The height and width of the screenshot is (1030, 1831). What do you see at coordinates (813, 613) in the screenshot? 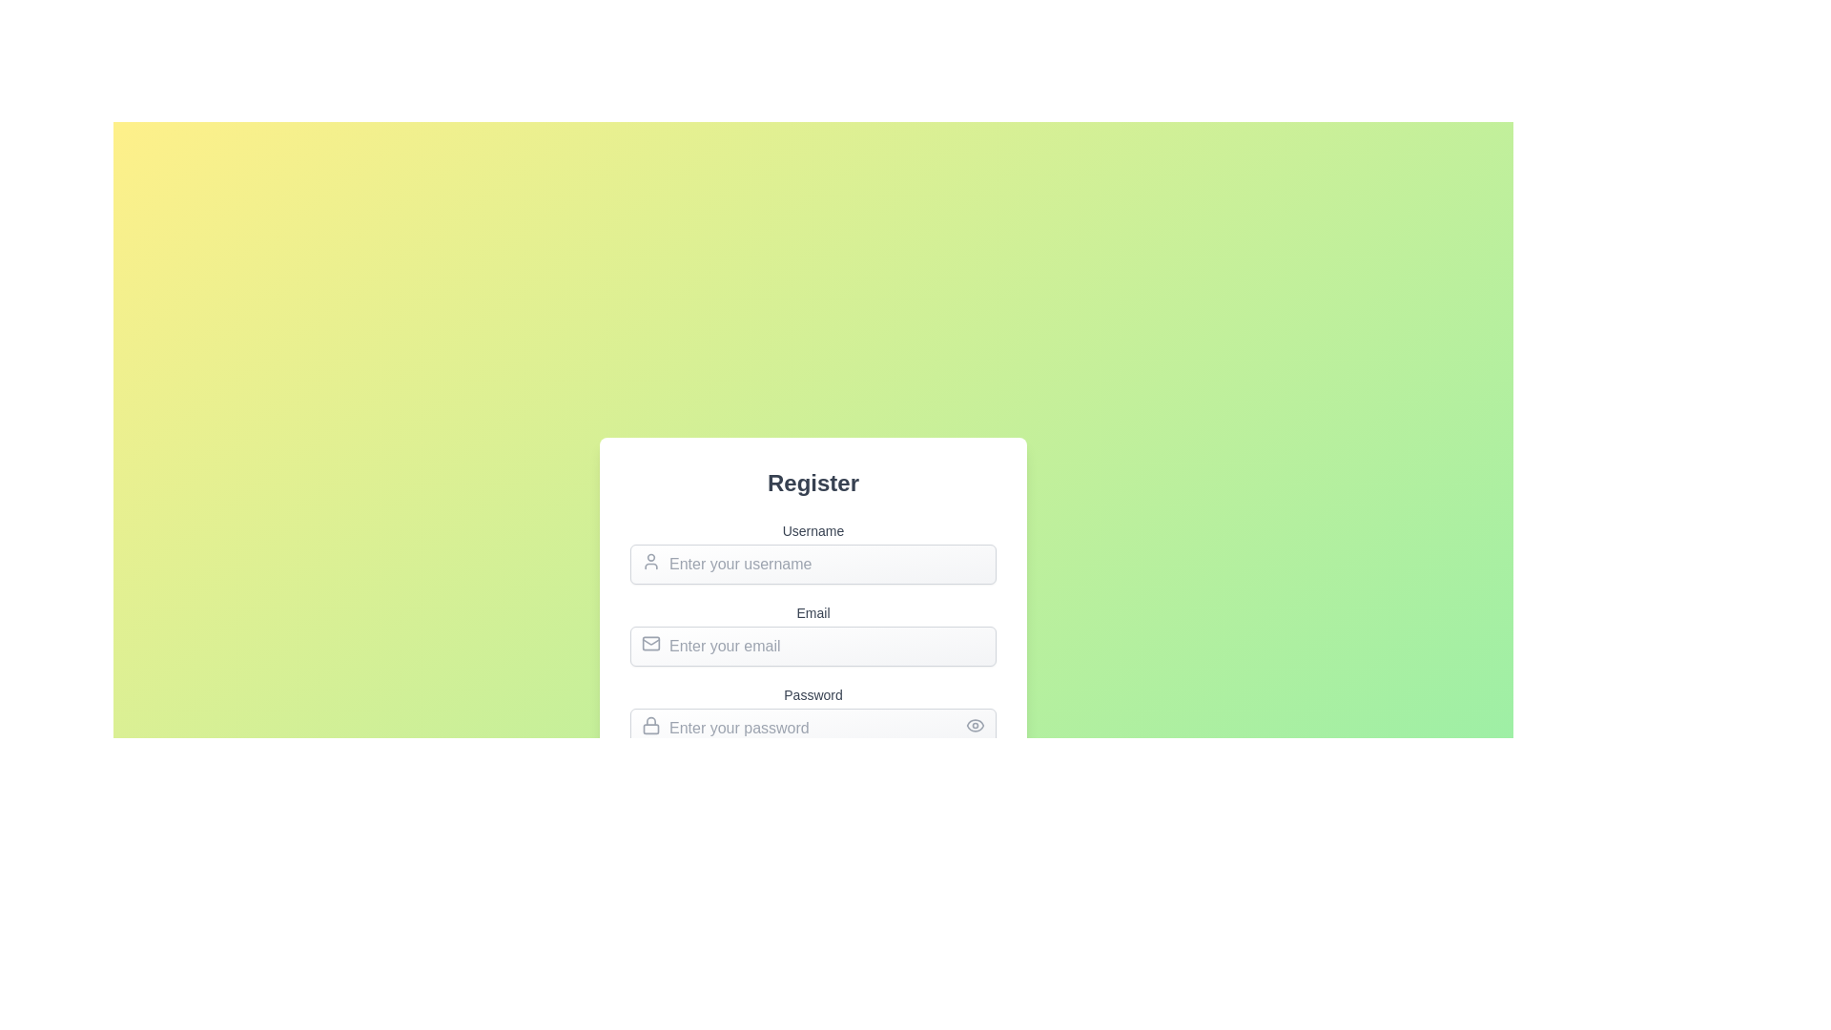
I see `the 'Email' text label, which is styled in gray and positioned above the email input field in the form` at bounding box center [813, 613].